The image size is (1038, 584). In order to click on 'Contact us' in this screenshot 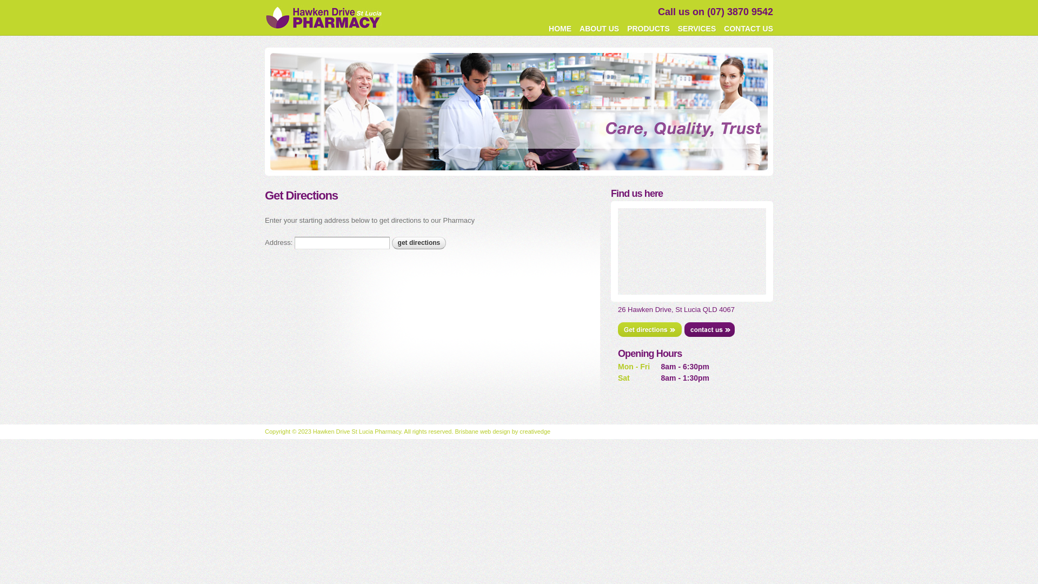, I will do `click(709, 329)`.